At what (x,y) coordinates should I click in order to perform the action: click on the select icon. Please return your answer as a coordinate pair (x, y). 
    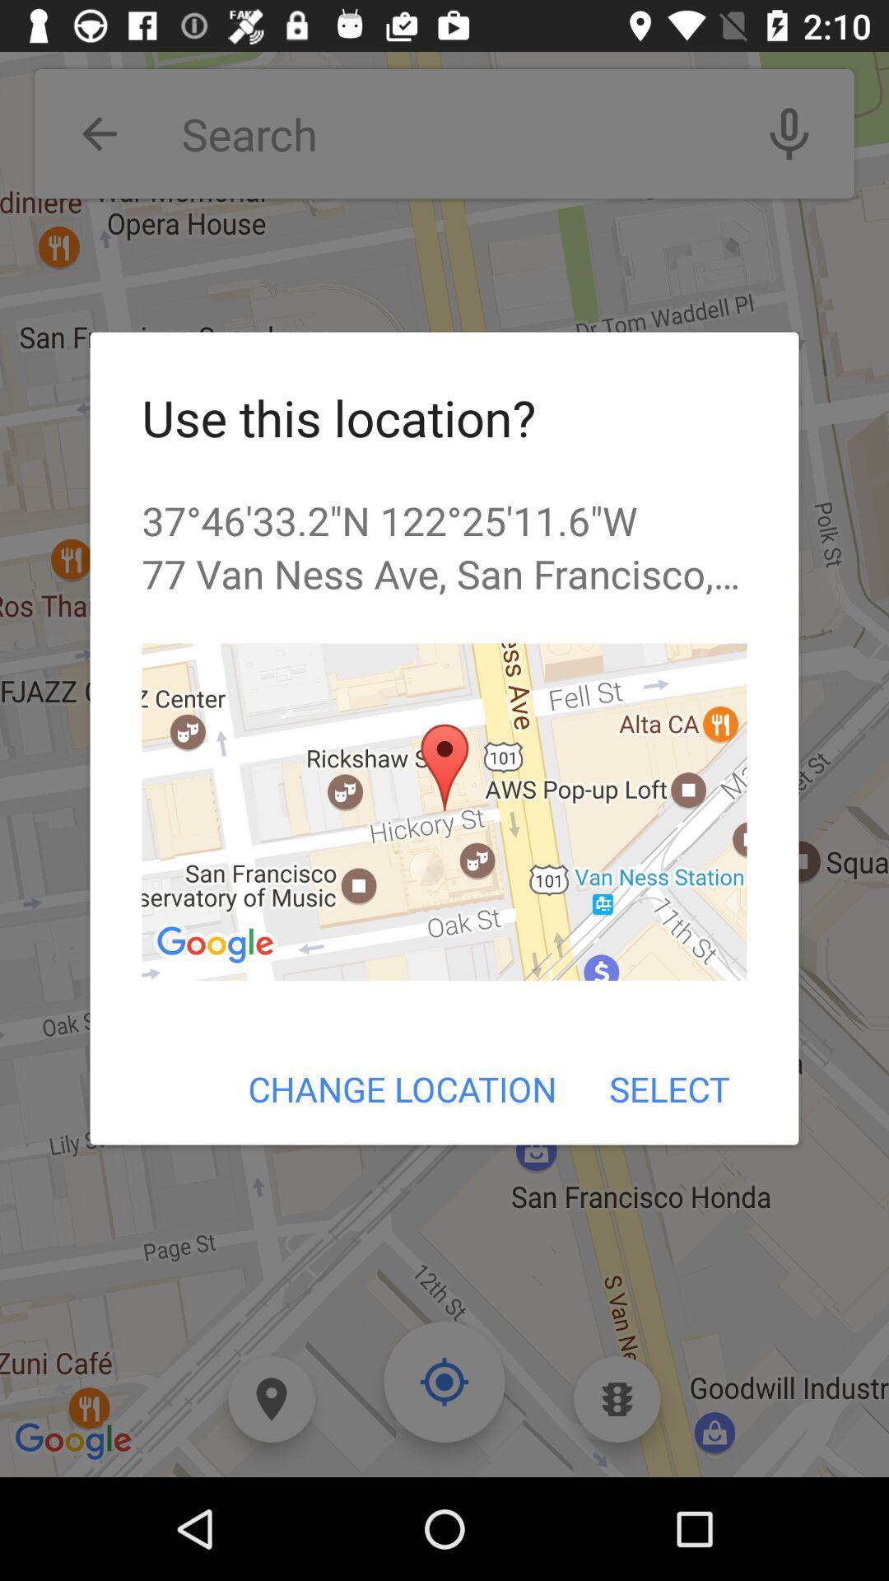
    Looking at the image, I should click on (669, 1089).